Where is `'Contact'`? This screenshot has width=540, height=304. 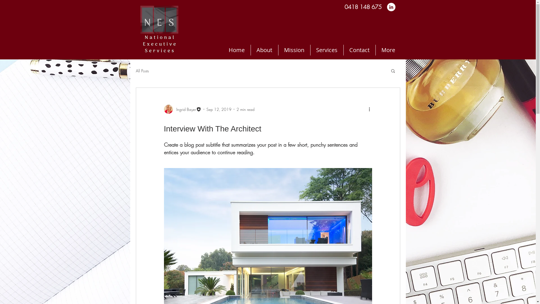 'Contact' is located at coordinates (359, 50).